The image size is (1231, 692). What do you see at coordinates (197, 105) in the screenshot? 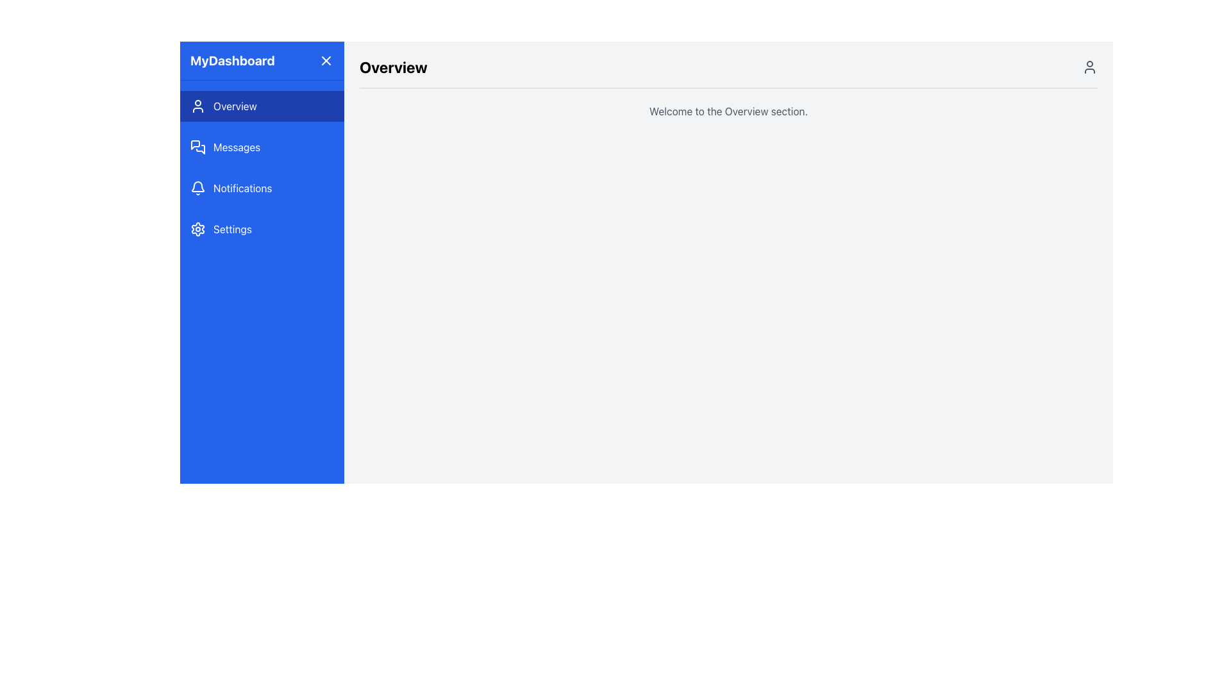
I see `the user icon, which is a white SVG graphic of a stylized person located in the vertical navigation menu on the left, next to the 'Overview' label` at bounding box center [197, 105].